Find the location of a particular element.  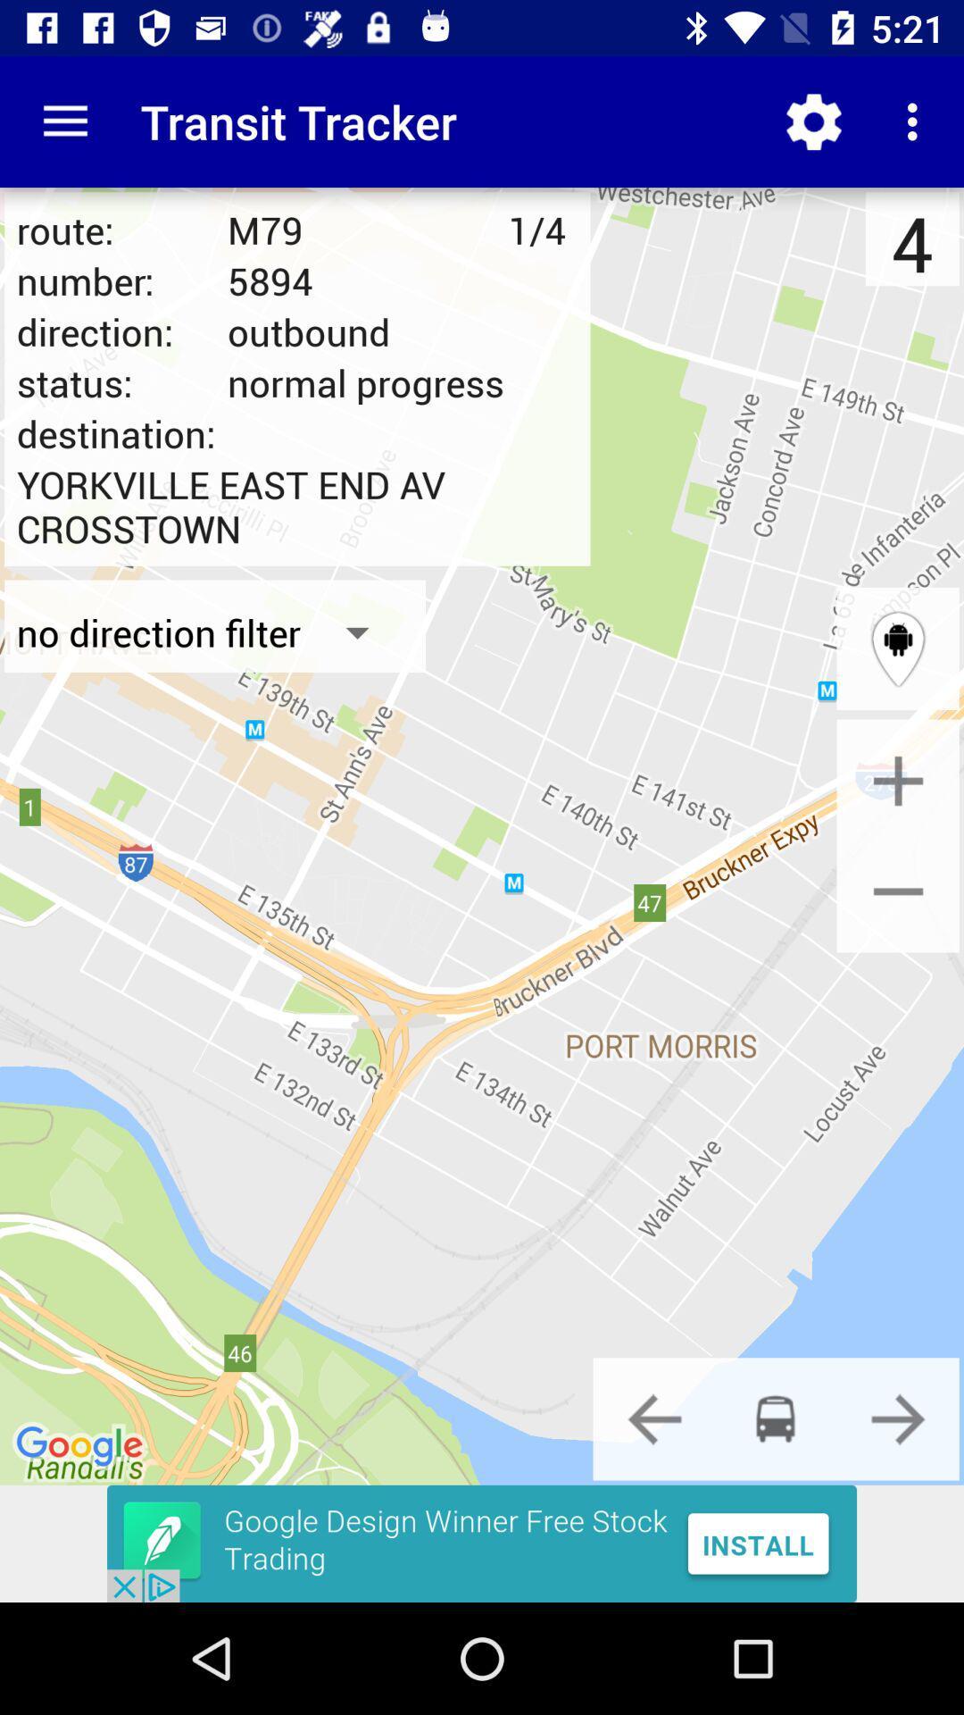

the chat icon is located at coordinates (775, 1418).